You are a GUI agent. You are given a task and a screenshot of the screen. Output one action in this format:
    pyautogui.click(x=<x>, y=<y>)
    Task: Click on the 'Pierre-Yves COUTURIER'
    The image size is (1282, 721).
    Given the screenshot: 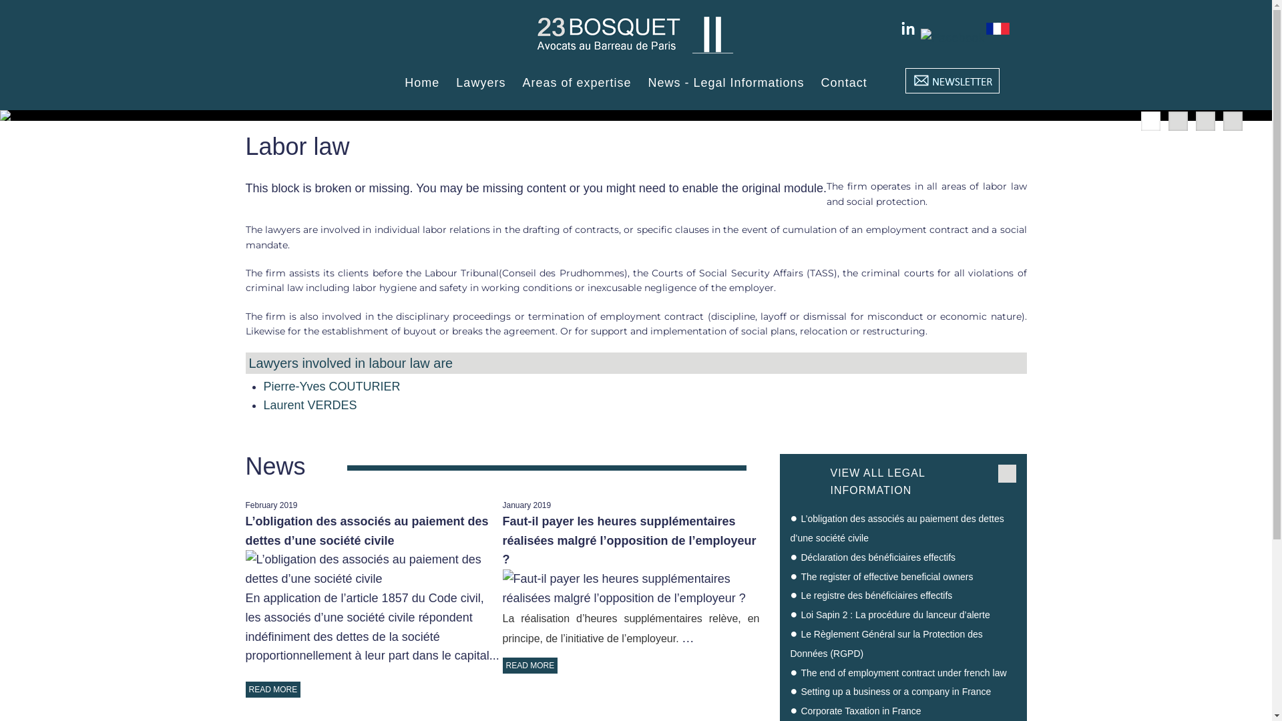 What is the action you would take?
    pyautogui.click(x=331, y=386)
    